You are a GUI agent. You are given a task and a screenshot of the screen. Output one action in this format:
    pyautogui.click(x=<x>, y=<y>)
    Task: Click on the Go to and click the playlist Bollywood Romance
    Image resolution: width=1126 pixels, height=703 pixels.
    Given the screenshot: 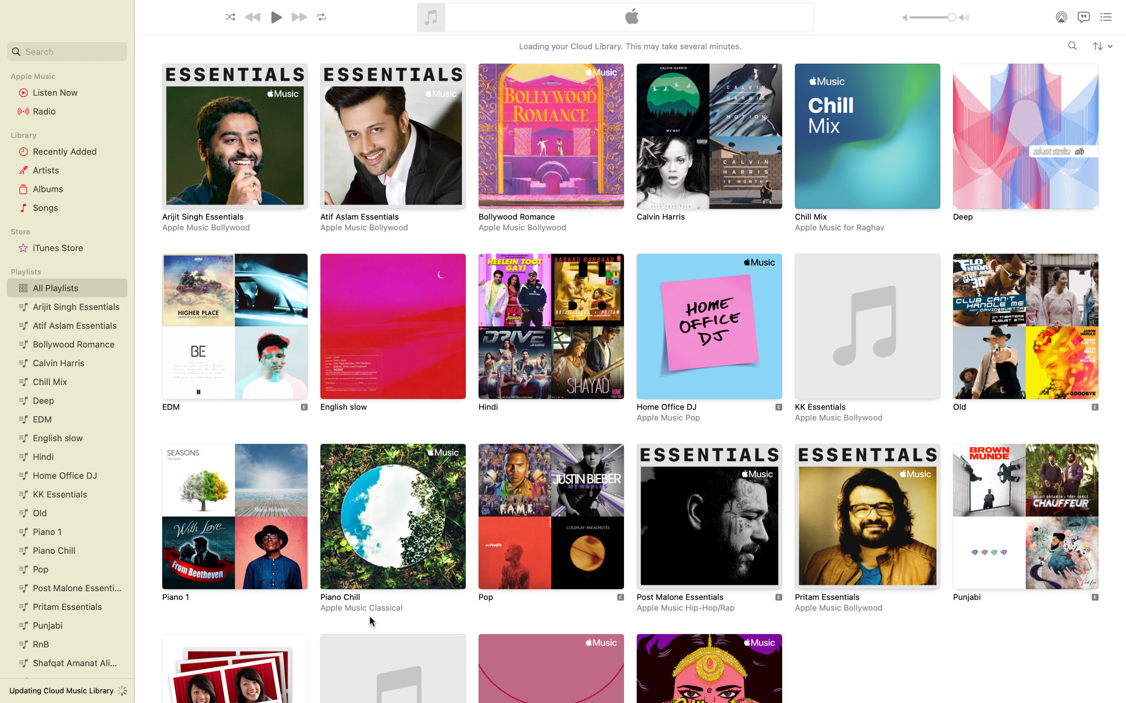 What is the action you would take?
    pyautogui.click(x=549, y=148)
    